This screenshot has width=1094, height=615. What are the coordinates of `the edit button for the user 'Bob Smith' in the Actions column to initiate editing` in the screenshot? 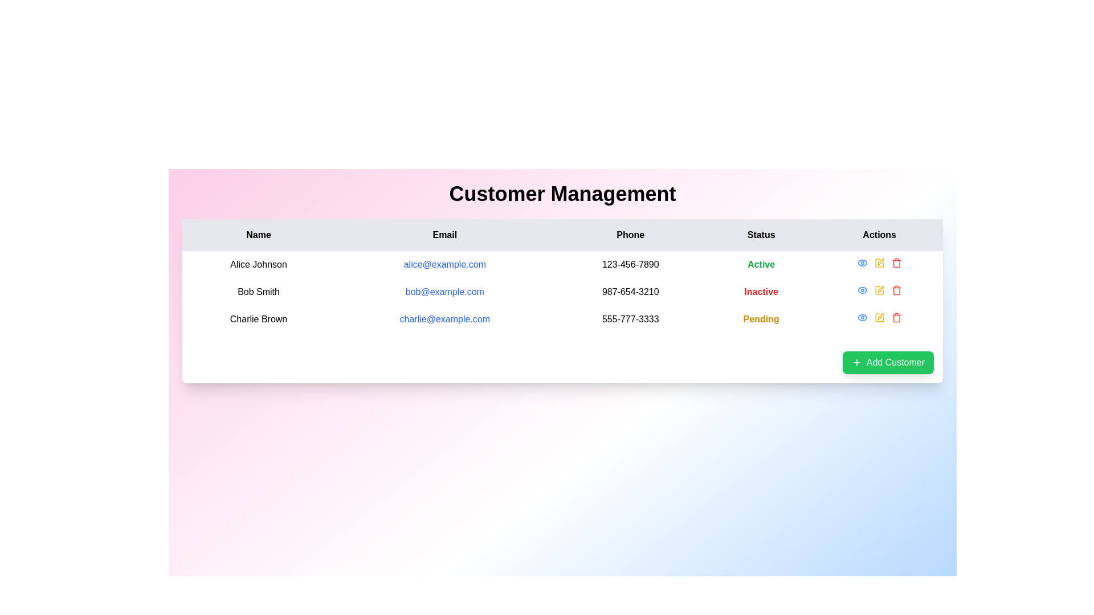 It's located at (879, 263).